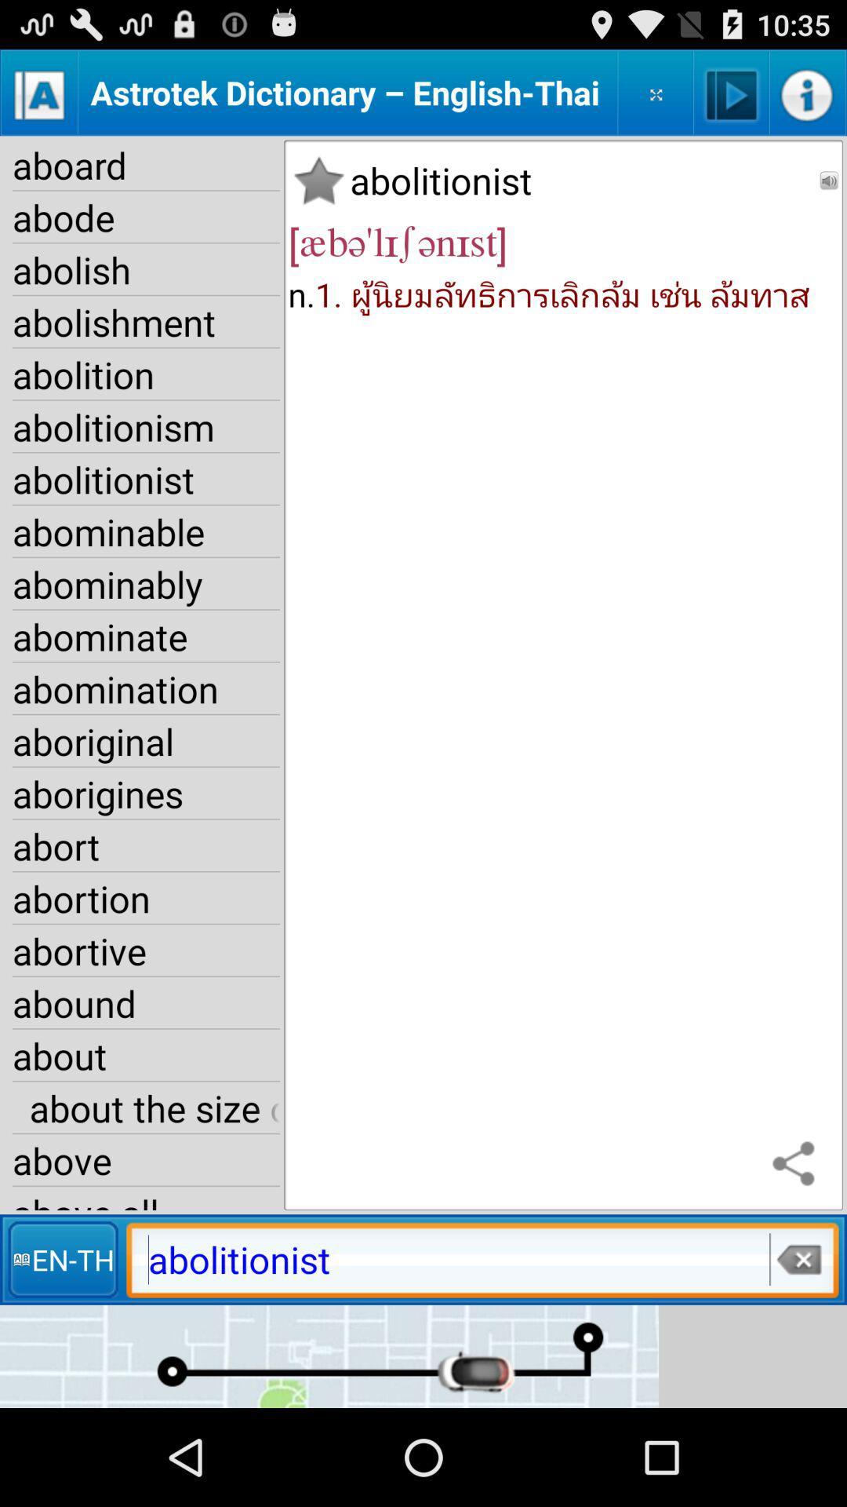 The height and width of the screenshot is (1507, 847). I want to click on share the name, so click(798, 1165).